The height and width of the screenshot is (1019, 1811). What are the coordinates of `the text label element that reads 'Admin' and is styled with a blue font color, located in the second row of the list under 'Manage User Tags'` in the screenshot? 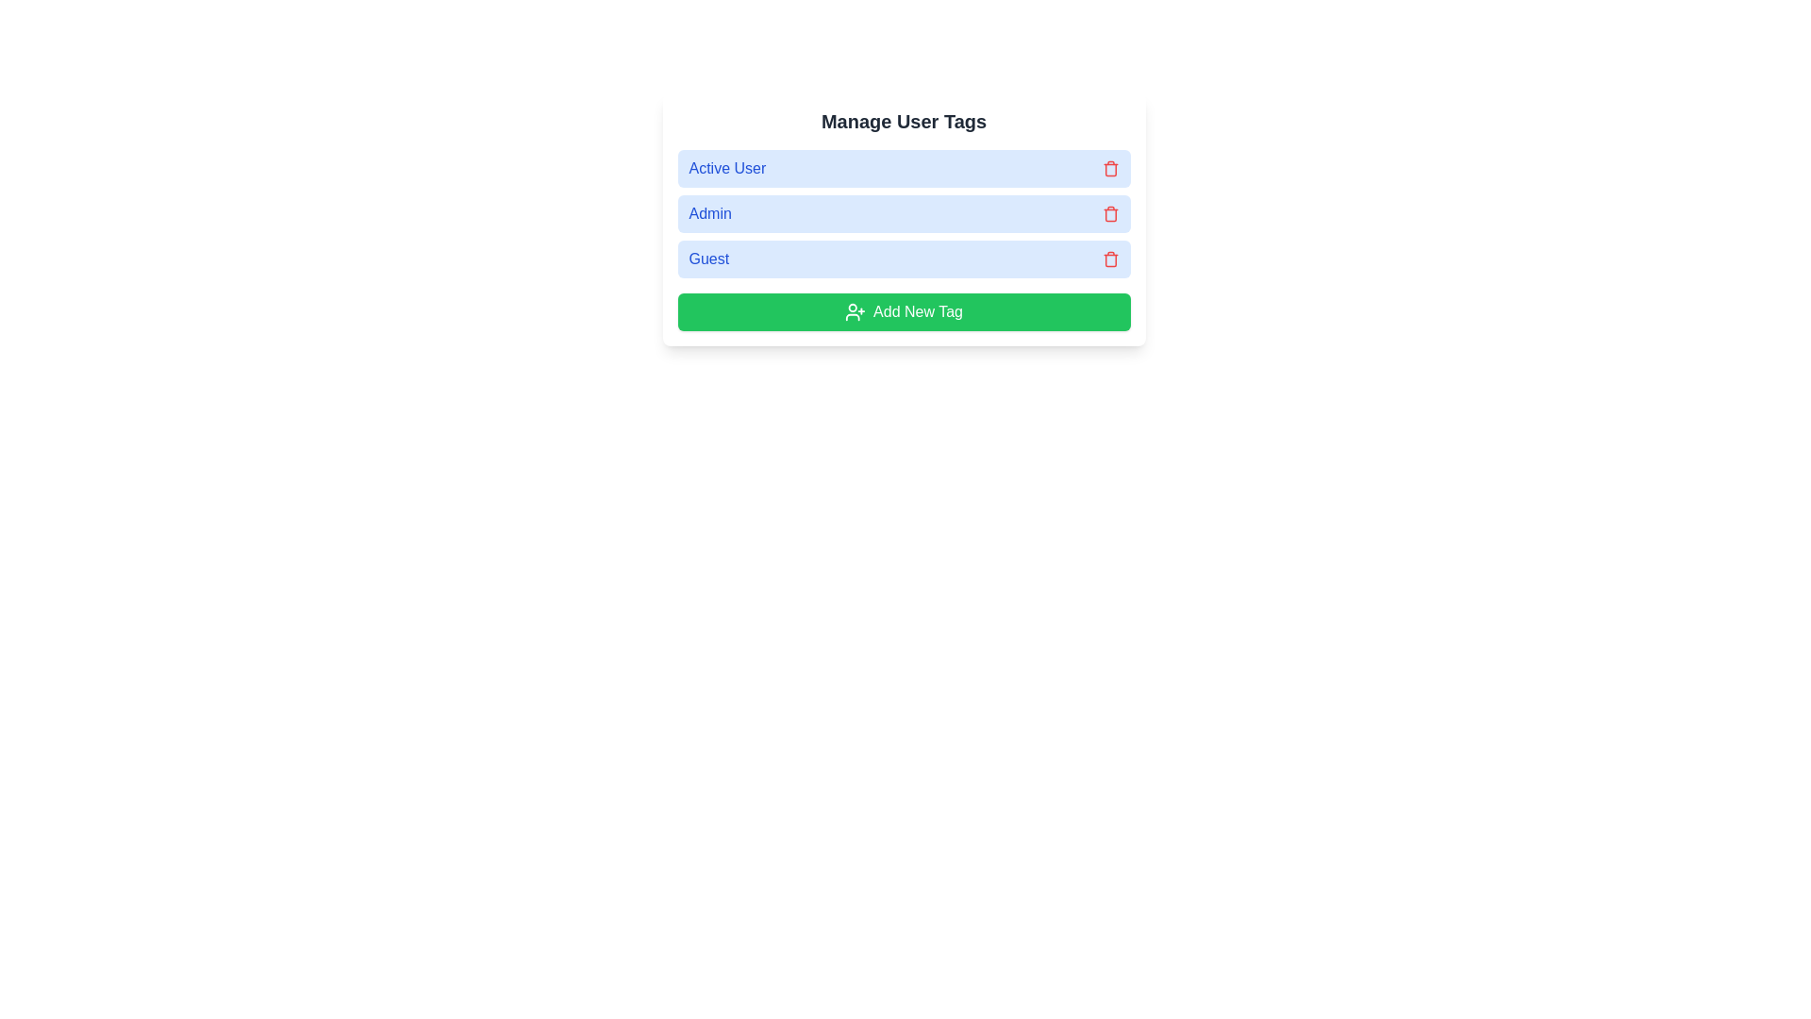 It's located at (709, 213).